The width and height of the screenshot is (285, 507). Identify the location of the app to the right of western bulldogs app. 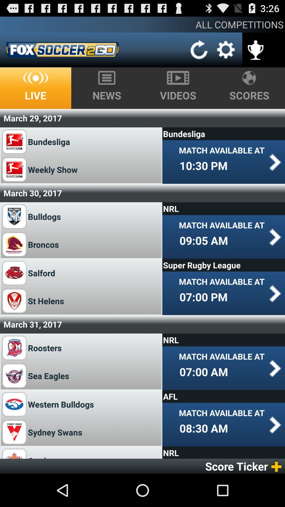
(224, 396).